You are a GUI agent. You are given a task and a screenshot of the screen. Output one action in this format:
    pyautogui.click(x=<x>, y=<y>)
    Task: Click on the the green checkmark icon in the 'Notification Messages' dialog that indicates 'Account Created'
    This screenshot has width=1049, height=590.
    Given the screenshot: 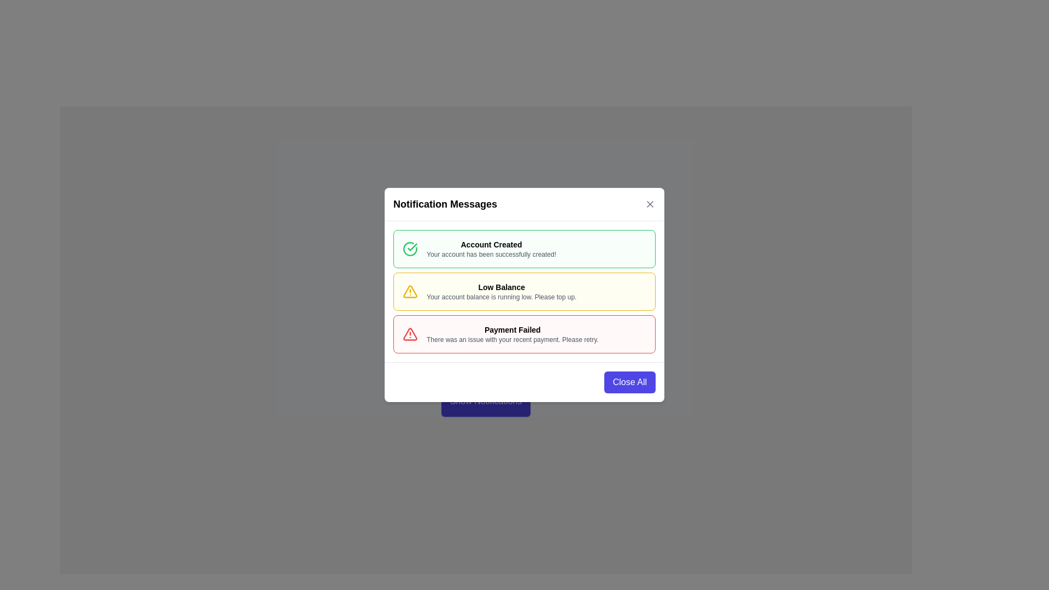 What is the action you would take?
    pyautogui.click(x=412, y=247)
    